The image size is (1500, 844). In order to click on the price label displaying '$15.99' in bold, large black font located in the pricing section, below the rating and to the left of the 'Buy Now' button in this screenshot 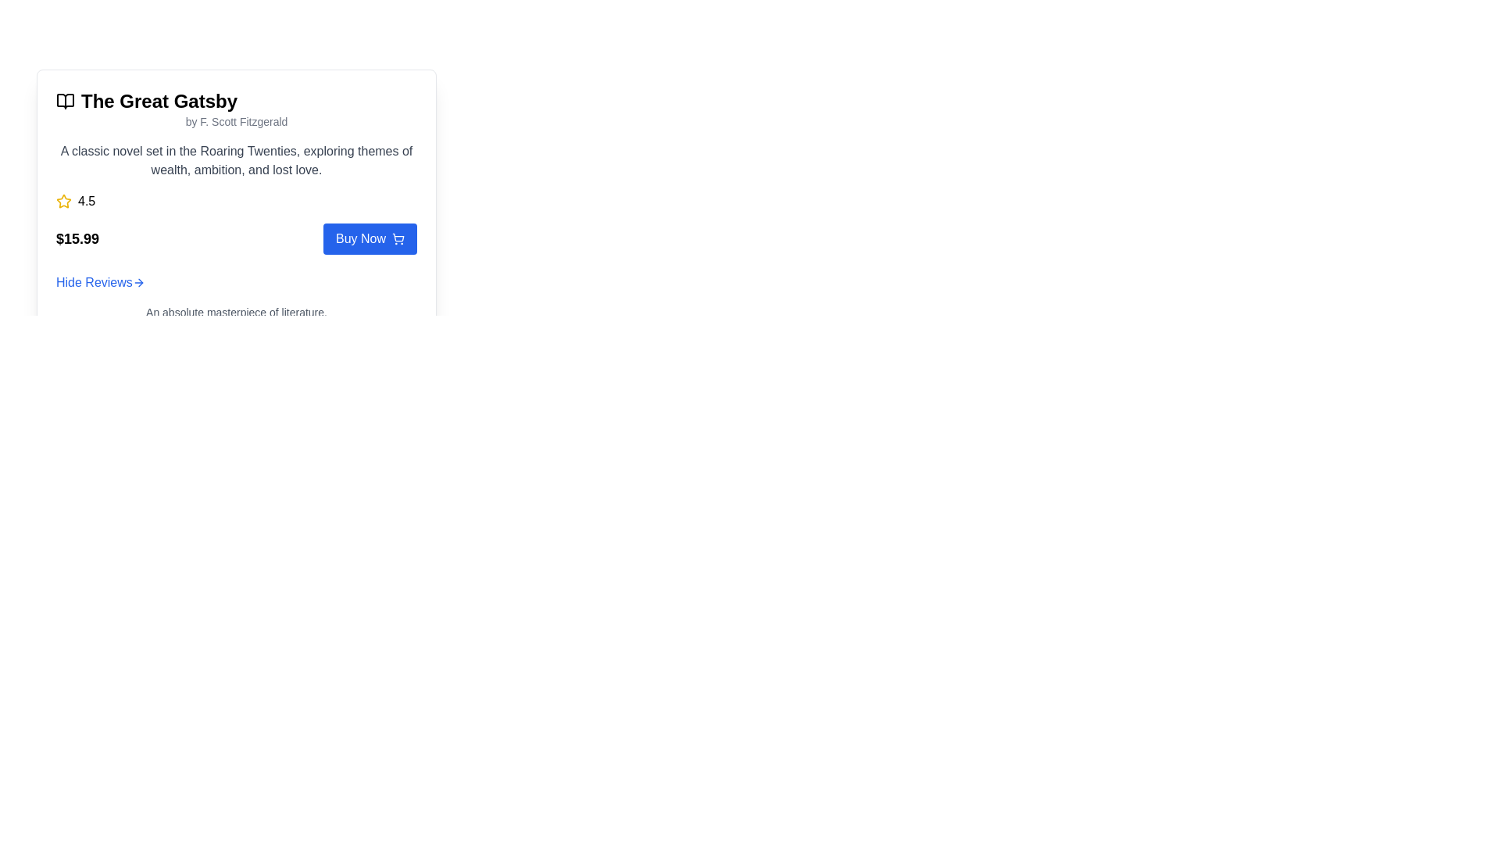, I will do `click(77, 238)`.